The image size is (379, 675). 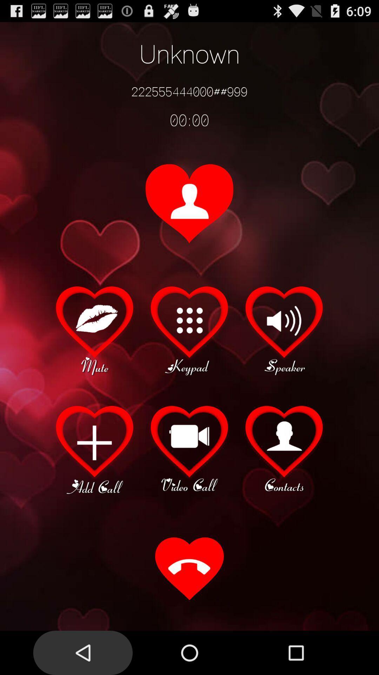 What do you see at coordinates (95, 329) in the screenshot?
I see `go emoji` at bounding box center [95, 329].